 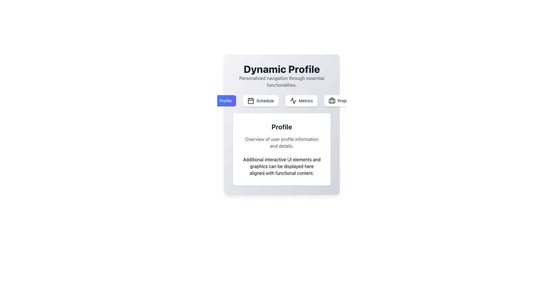 I want to click on the center of the briefcase icon element in the SVG graphic, which is the fourth item in the navigation bar below 'Dynamic Profile', so click(x=332, y=101).